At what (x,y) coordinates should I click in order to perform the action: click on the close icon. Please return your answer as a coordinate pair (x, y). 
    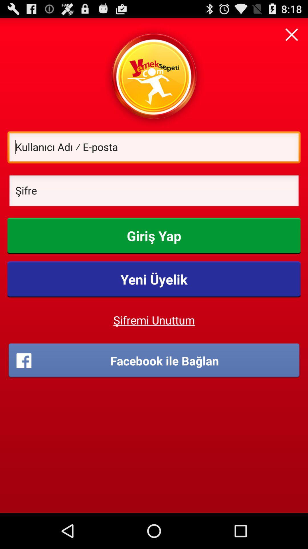
    Looking at the image, I should click on (291, 37).